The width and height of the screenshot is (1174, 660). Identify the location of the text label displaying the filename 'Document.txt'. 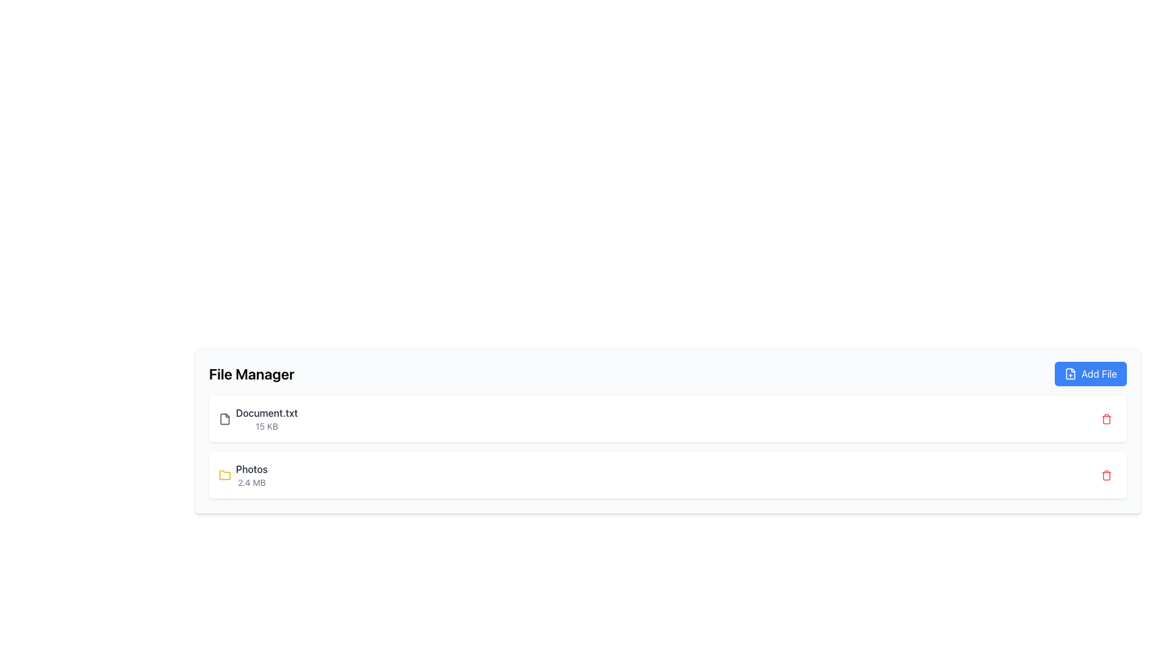
(266, 413).